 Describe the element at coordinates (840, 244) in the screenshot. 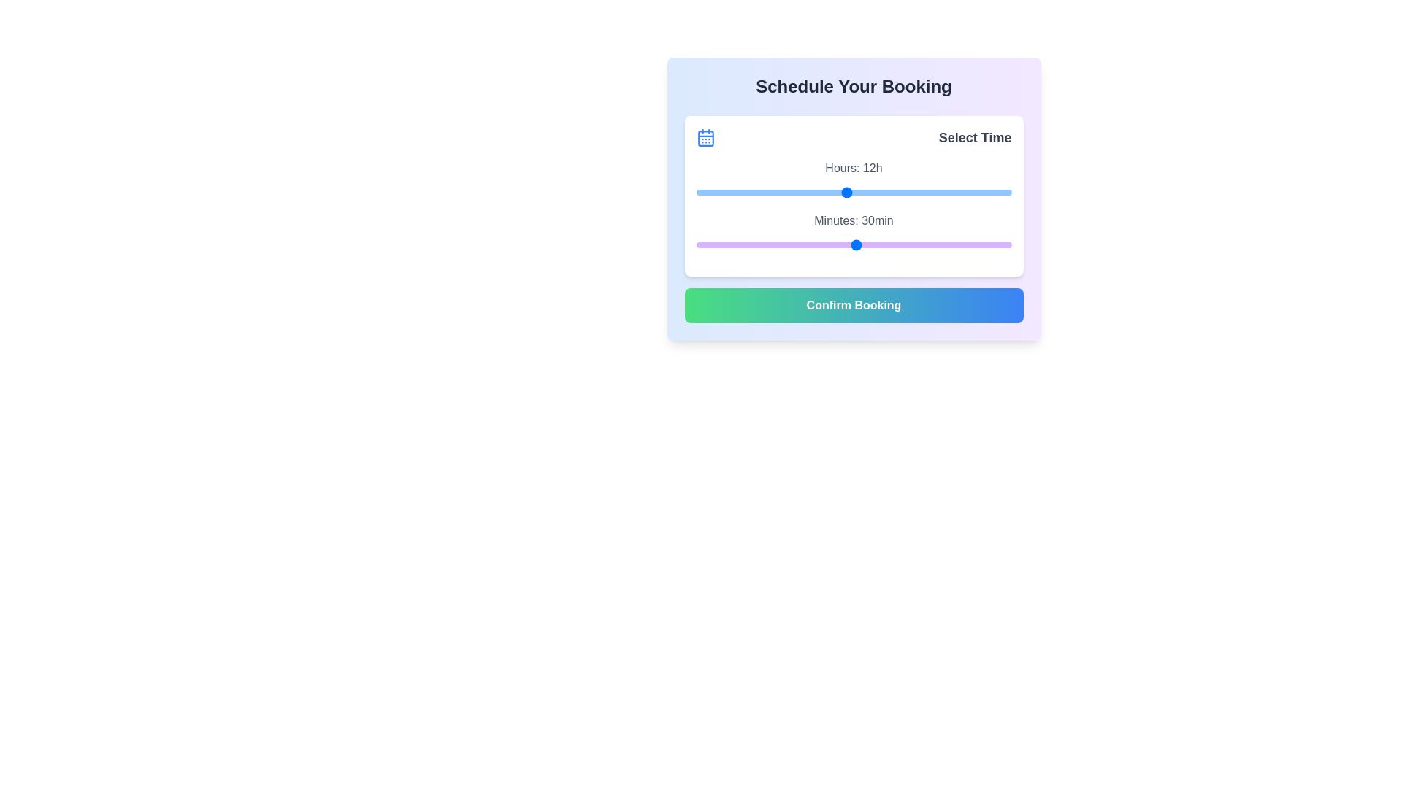

I see `the minutes slider to set it to 27 minutes` at that location.